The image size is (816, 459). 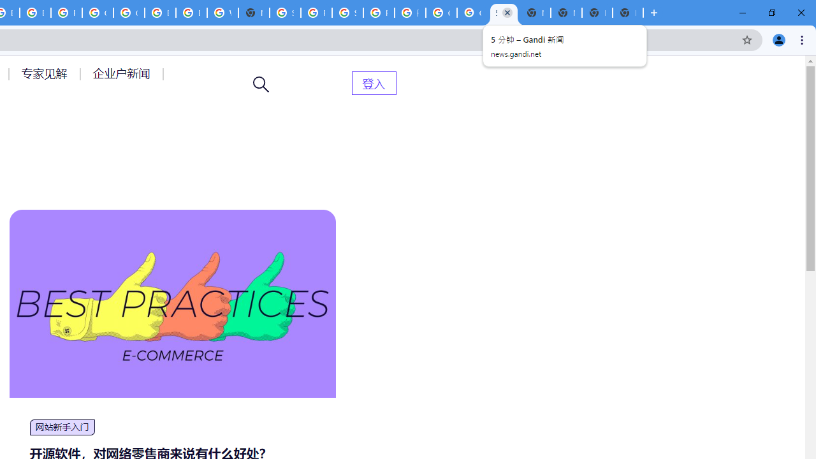 I want to click on 'AutomationID: menu-item-82399', so click(x=373, y=82).